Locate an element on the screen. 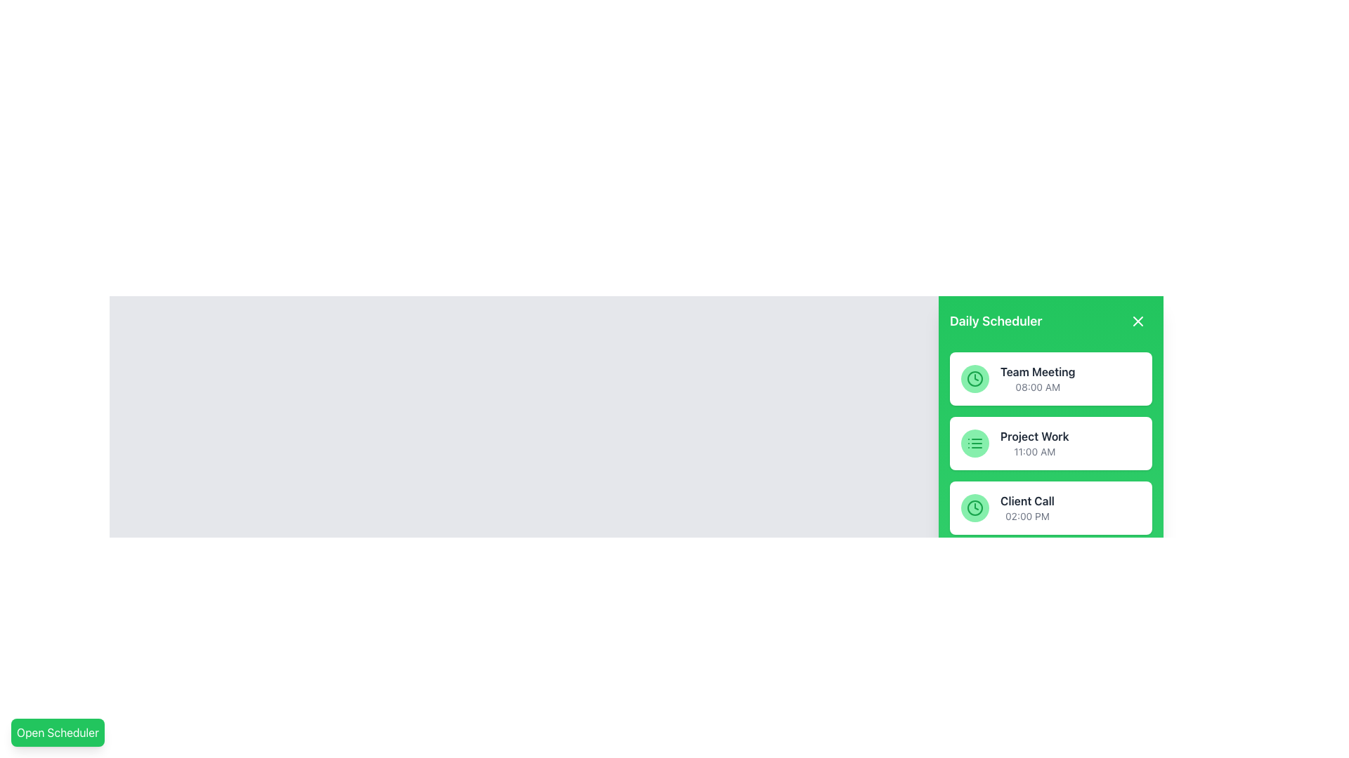 Image resolution: width=1349 pixels, height=758 pixels. the meaning of the clock icon located on the left side of the 'Client Call' card is located at coordinates (974, 508).